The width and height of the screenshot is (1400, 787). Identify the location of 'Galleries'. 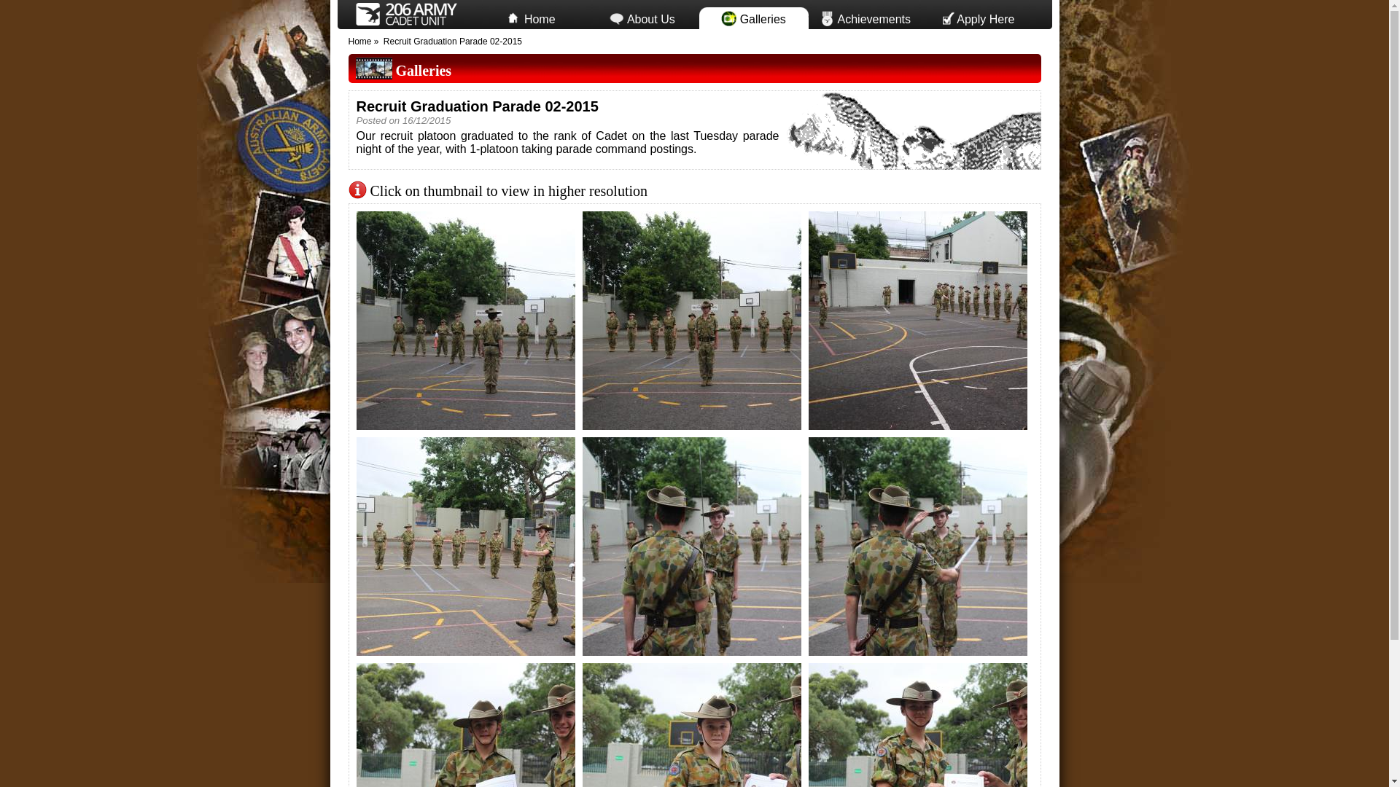
(422, 70).